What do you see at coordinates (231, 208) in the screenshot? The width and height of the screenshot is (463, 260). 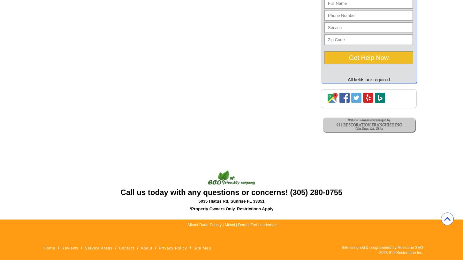 I see `'*Property Owners Only. Restrictions Apply'` at bounding box center [231, 208].